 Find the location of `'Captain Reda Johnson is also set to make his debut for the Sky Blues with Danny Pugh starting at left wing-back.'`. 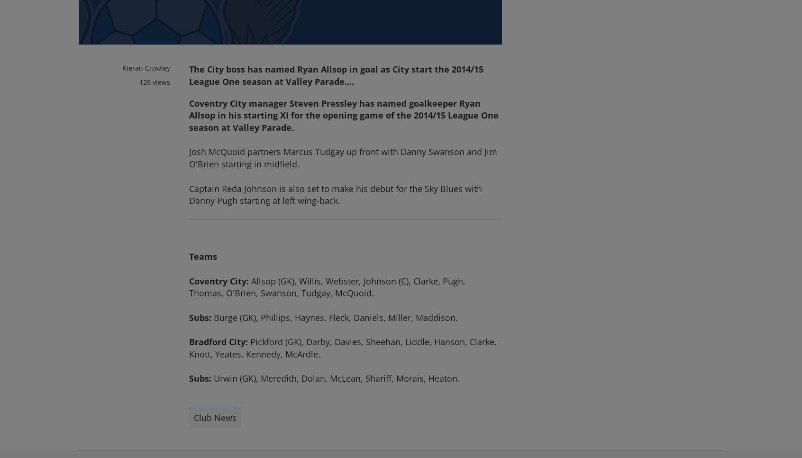

'Captain Reda Johnson is also set to make his debut for the Sky Blues with Danny Pugh starting at left wing-back.' is located at coordinates (335, 194).